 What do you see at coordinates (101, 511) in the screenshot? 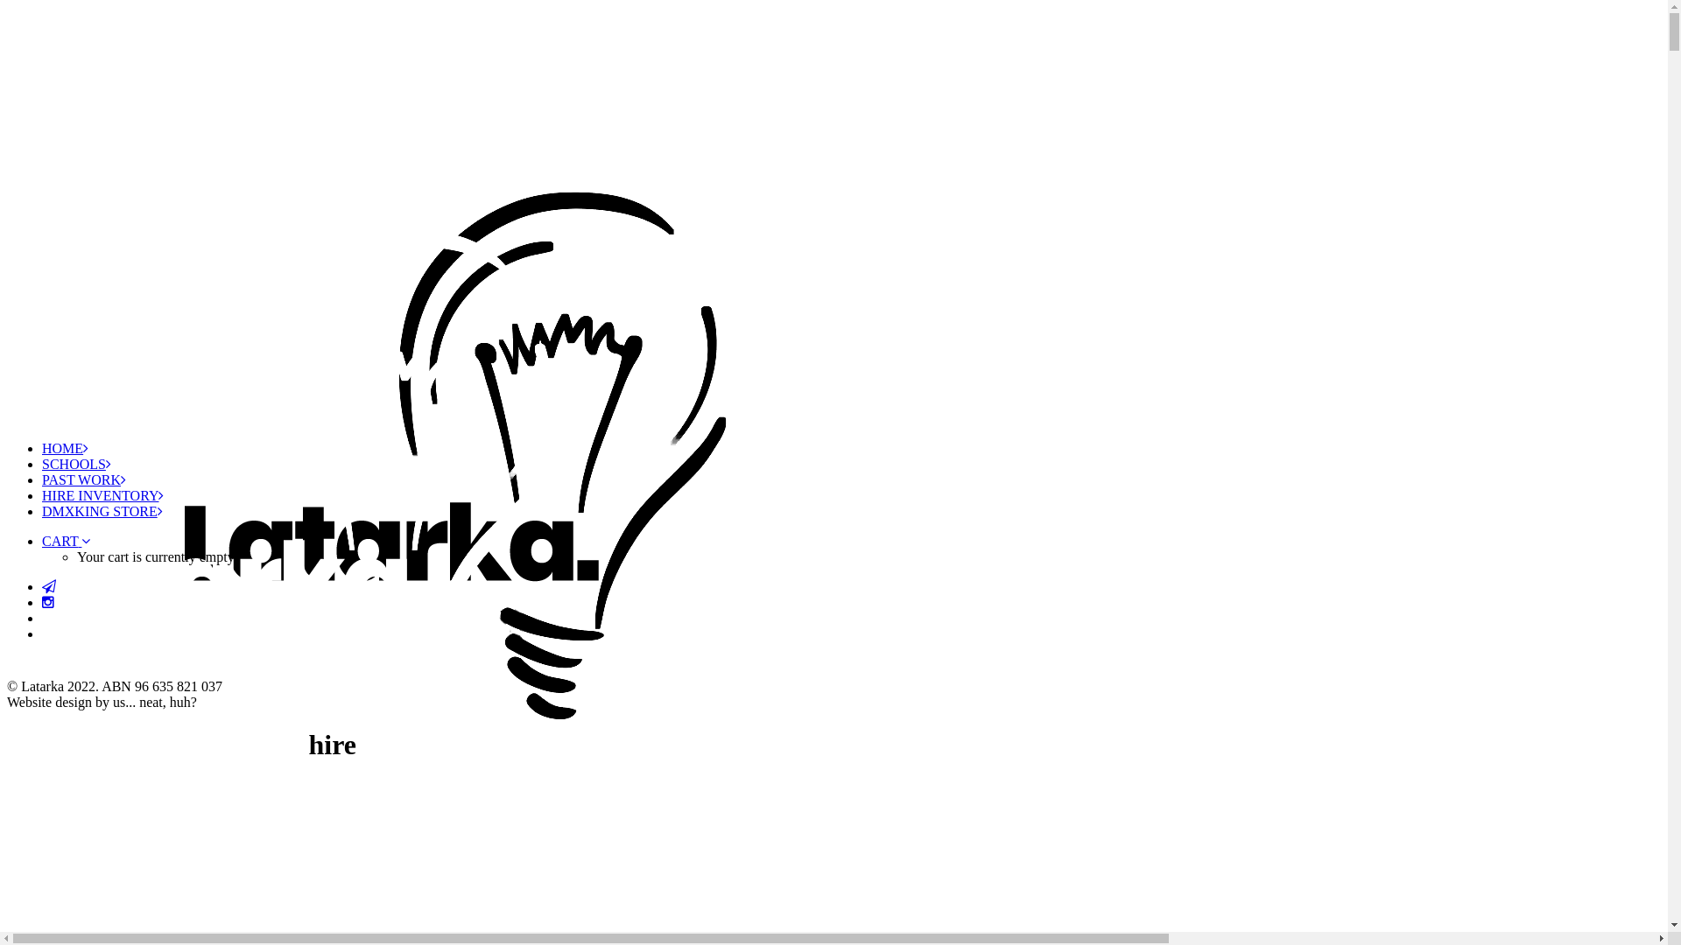
I see `'DMXKING STORE'` at bounding box center [101, 511].